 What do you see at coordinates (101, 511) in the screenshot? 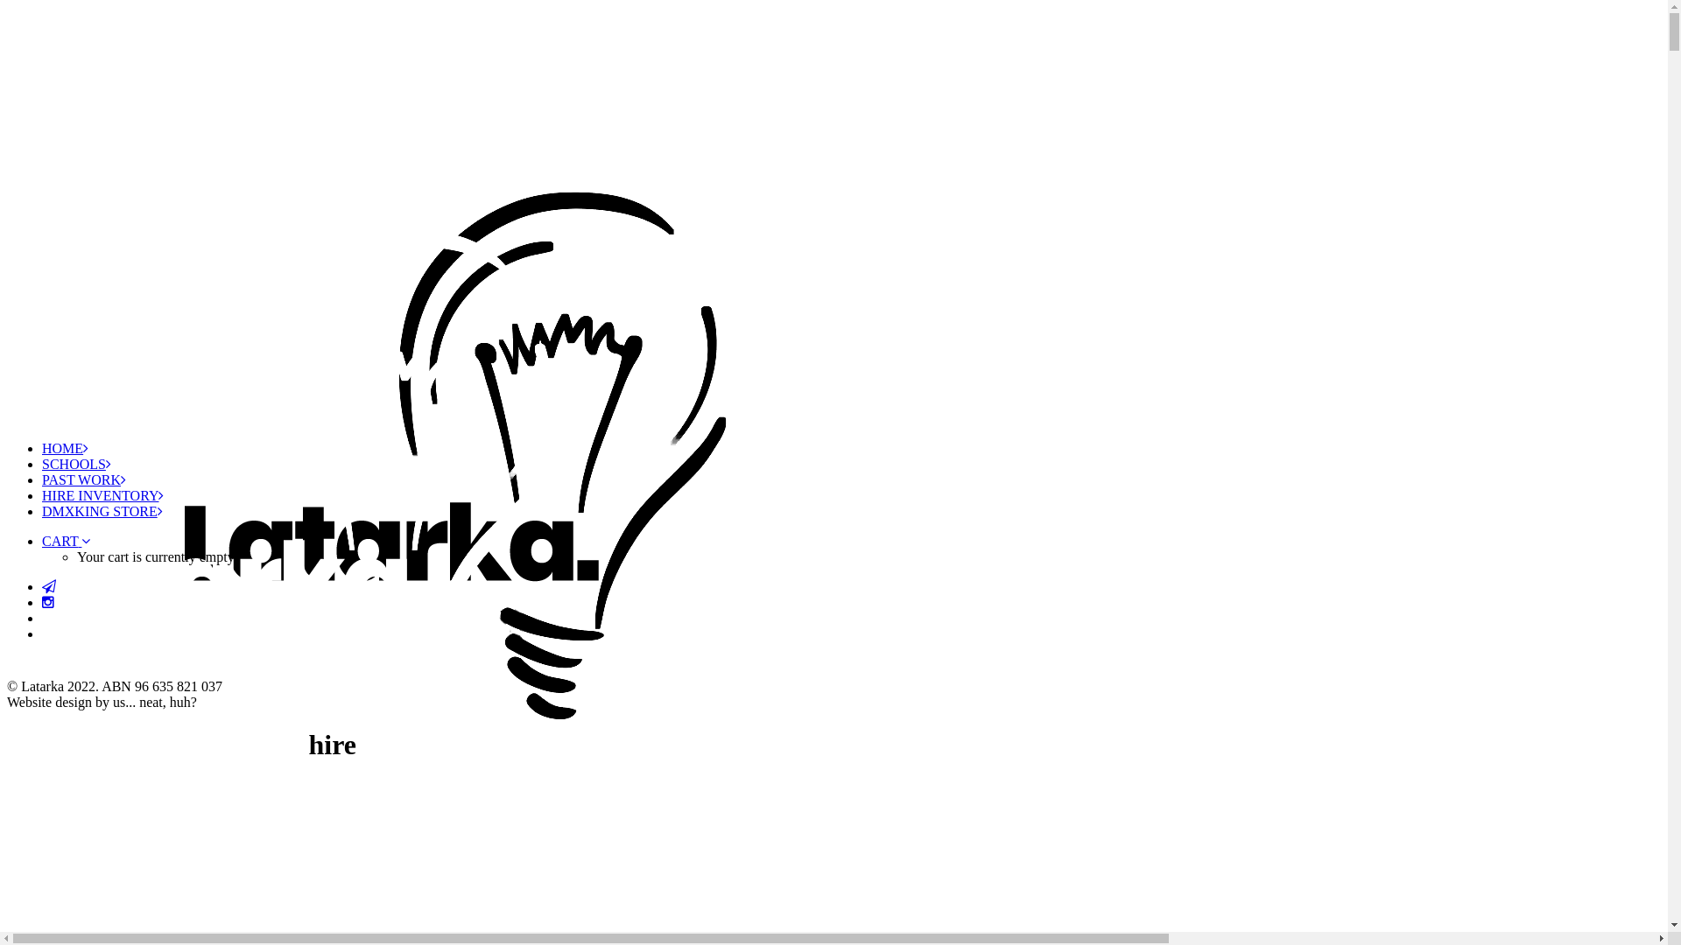
I see `'DMXKING STORE'` at bounding box center [101, 511].